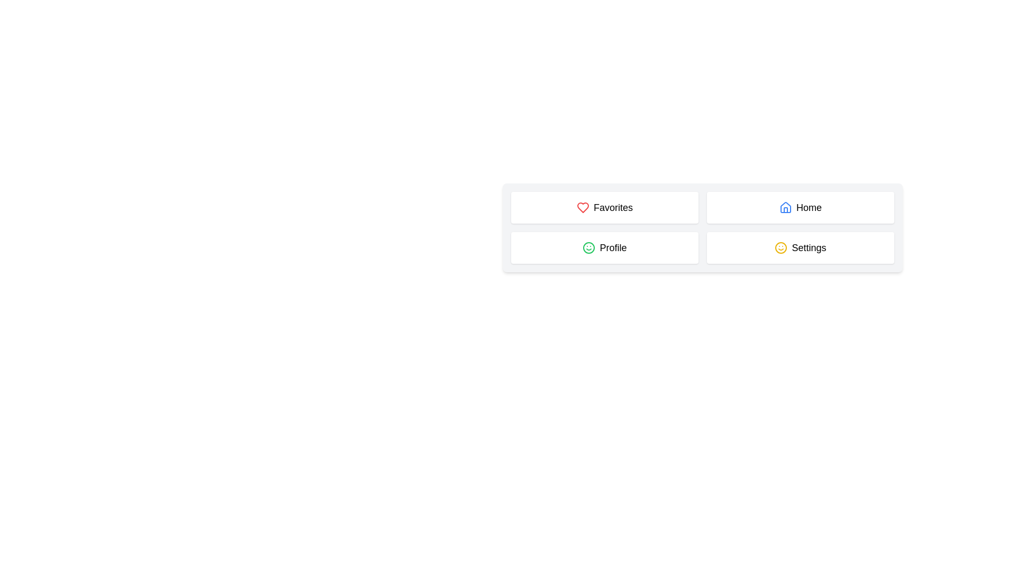  Describe the element at coordinates (808, 208) in the screenshot. I see `text from the 'Home' label located in the top row, second column of the grid structure, which indicates its purpose or destination` at that location.